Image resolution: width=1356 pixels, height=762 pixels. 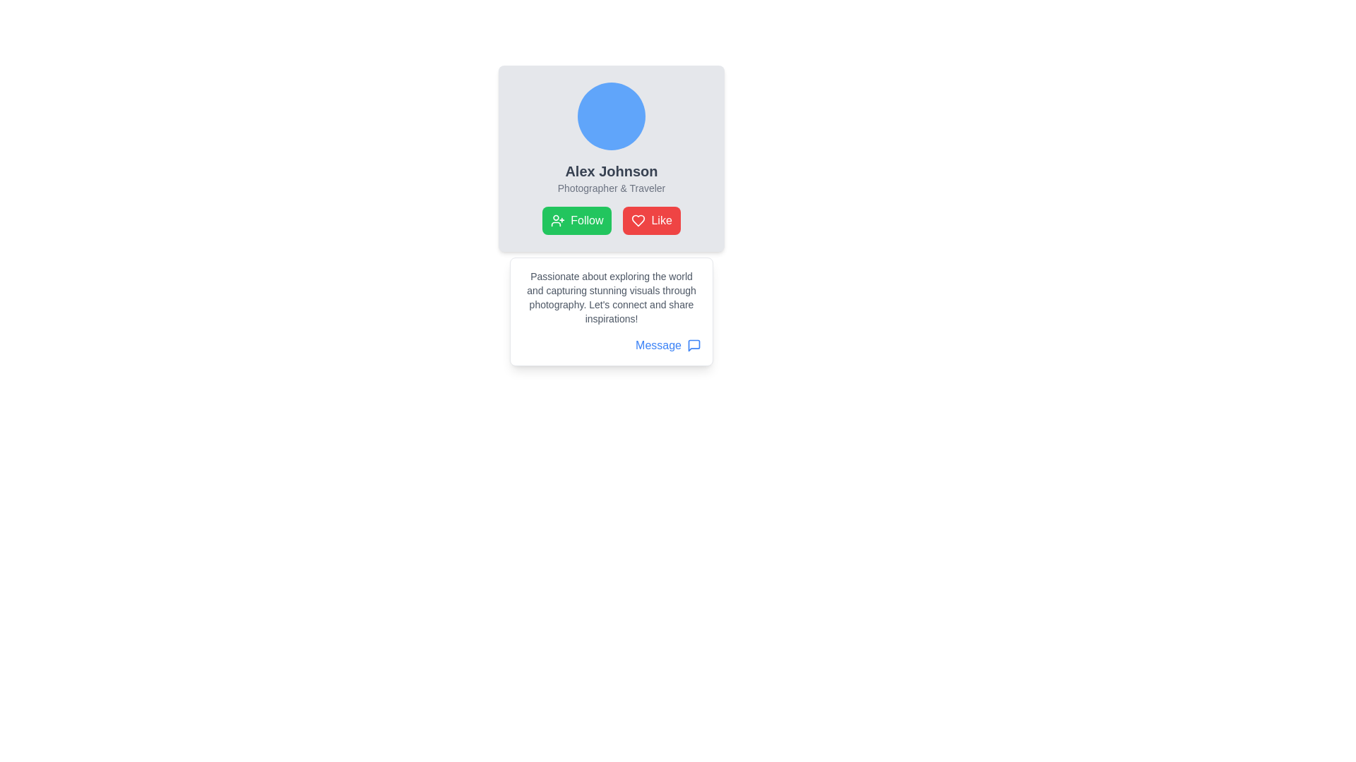 I want to click on the static text block containing the description about photography, which is styled with a gray-colored font and located above the 'Message' button, so click(x=611, y=296).